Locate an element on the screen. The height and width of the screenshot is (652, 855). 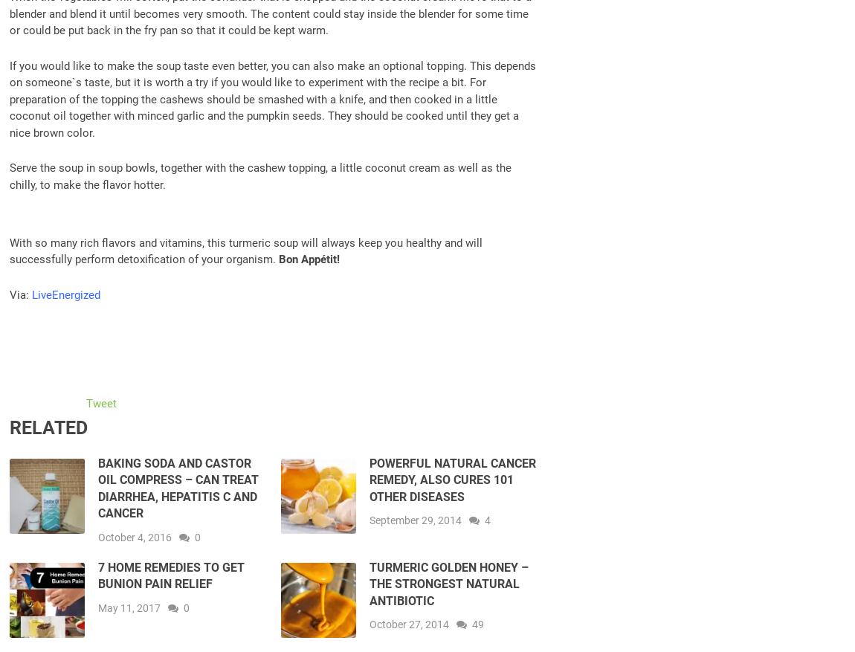
'Turmeric Golden Honey – The Strongest Natural Antibiotic' is located at coordinates (447, 583).